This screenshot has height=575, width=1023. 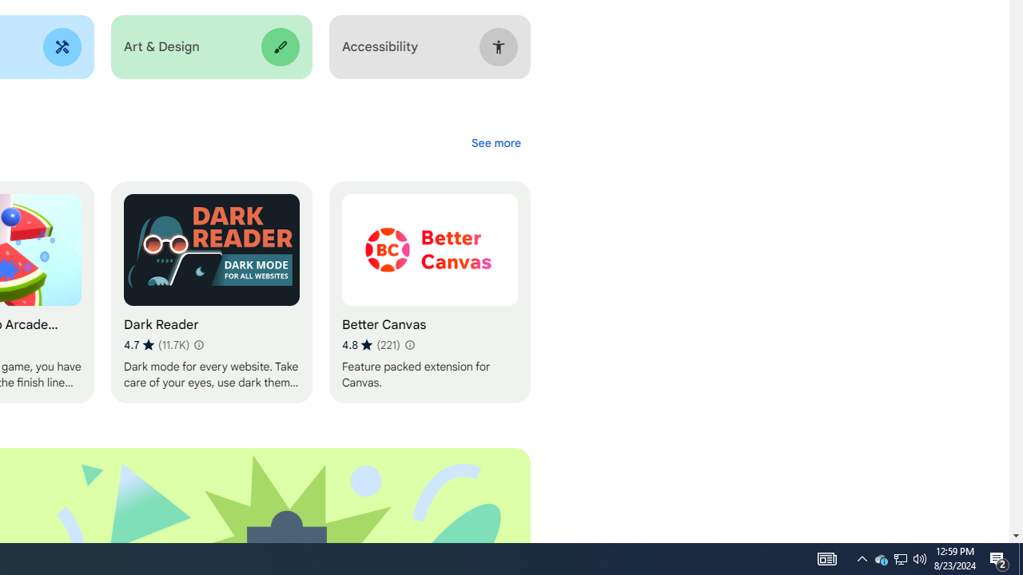 I want to click on 'See more personalized recommendations', so click(x=495, y=142).